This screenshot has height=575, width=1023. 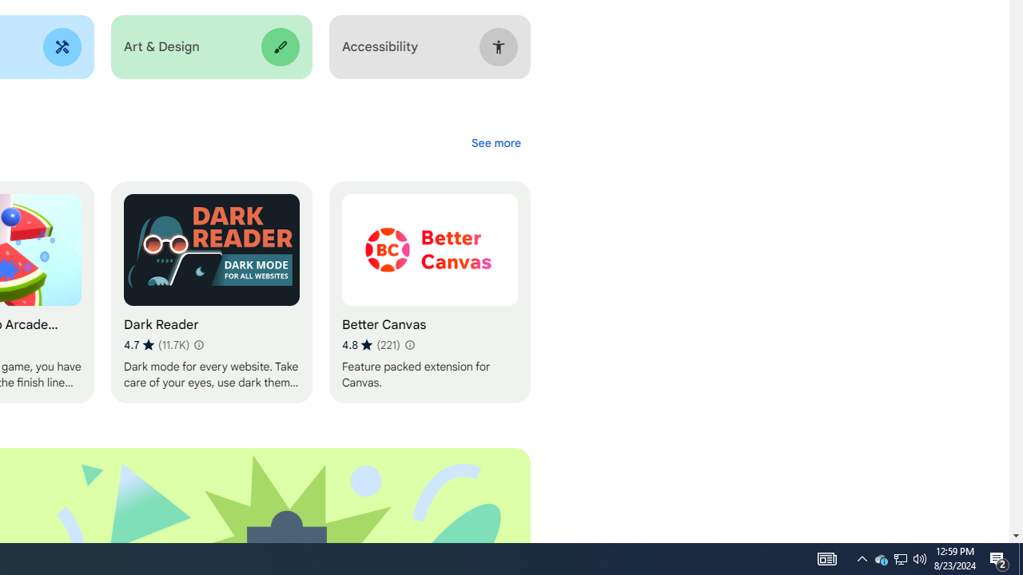 I want to click on 'See more personalized recommendations', so click(x=495, y=142).